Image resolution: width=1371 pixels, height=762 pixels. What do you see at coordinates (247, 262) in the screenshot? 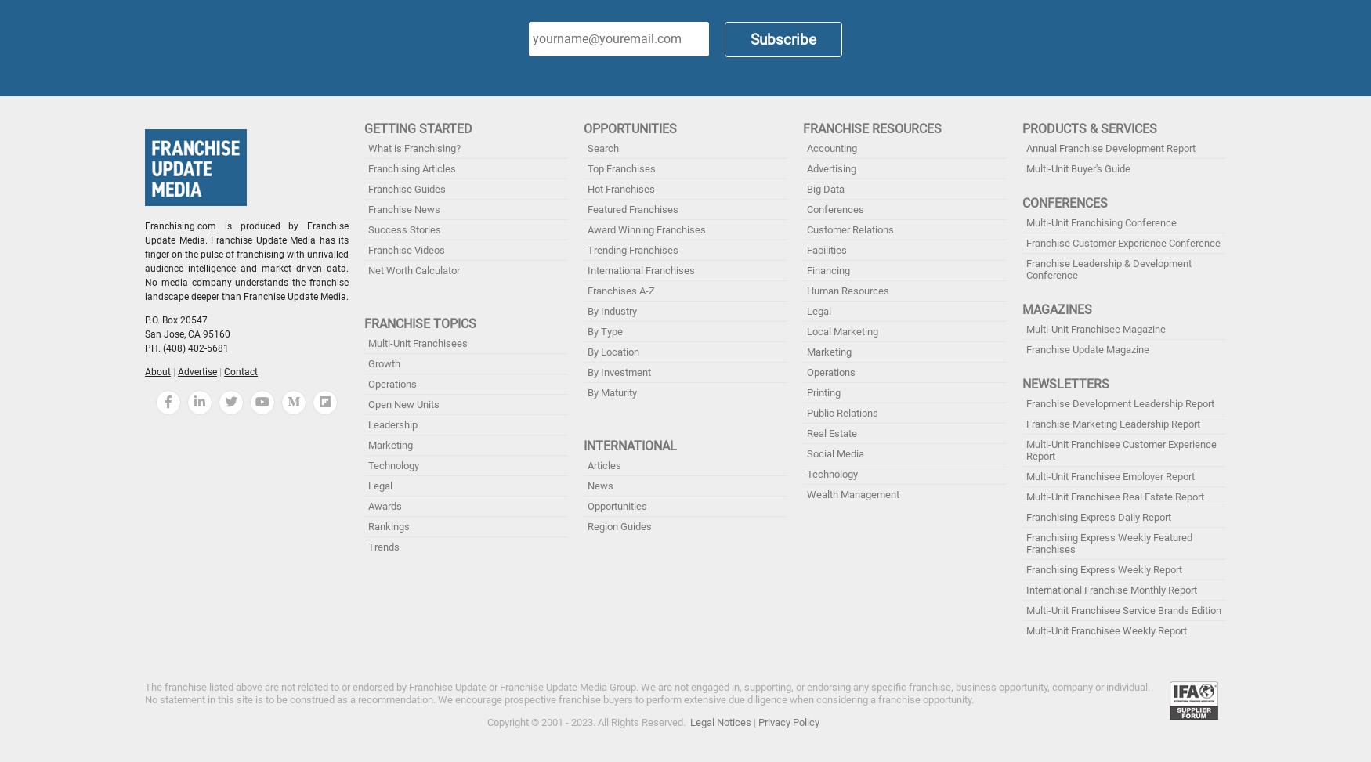
I see `'Franchising.com is produced by Franchise Update Media. Franchise Update Media has its finger on the pulse of franchising with unrivalled audience intelligence and market driven data. No media company understands the franchise landscape deeper than Franchise Update Media.'` at bounding box center [247, 262].